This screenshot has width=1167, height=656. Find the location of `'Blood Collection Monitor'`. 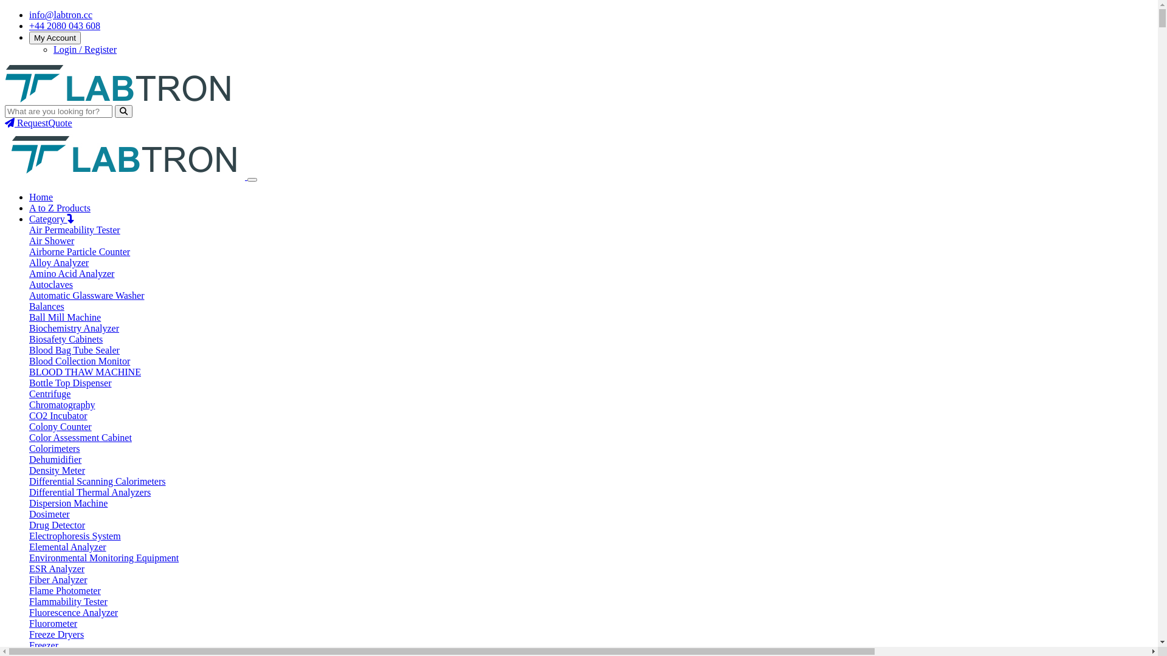

'Blood Collection Monitor' is located at coordinates (29, 360).